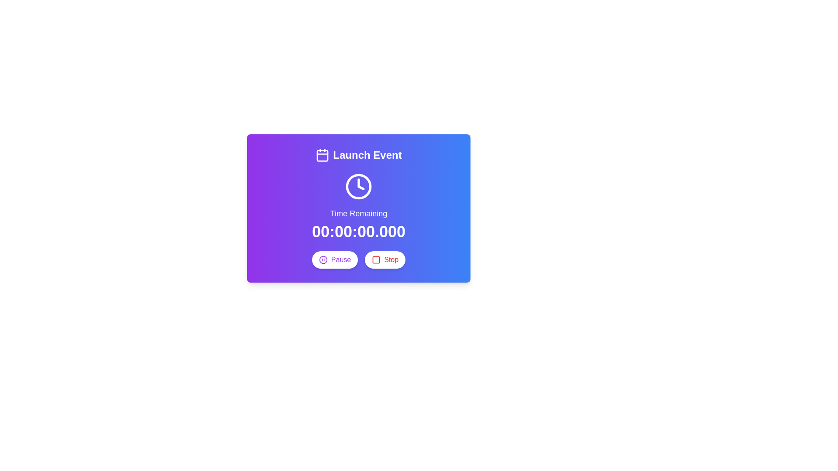  What do you see at coordinates (376, 259) in the screenshot?
I see `the square outline icon with rounded corners that is part of the 'Stop' button, located in the lower-right corner of the card interface` at bounding box center [376, 259].